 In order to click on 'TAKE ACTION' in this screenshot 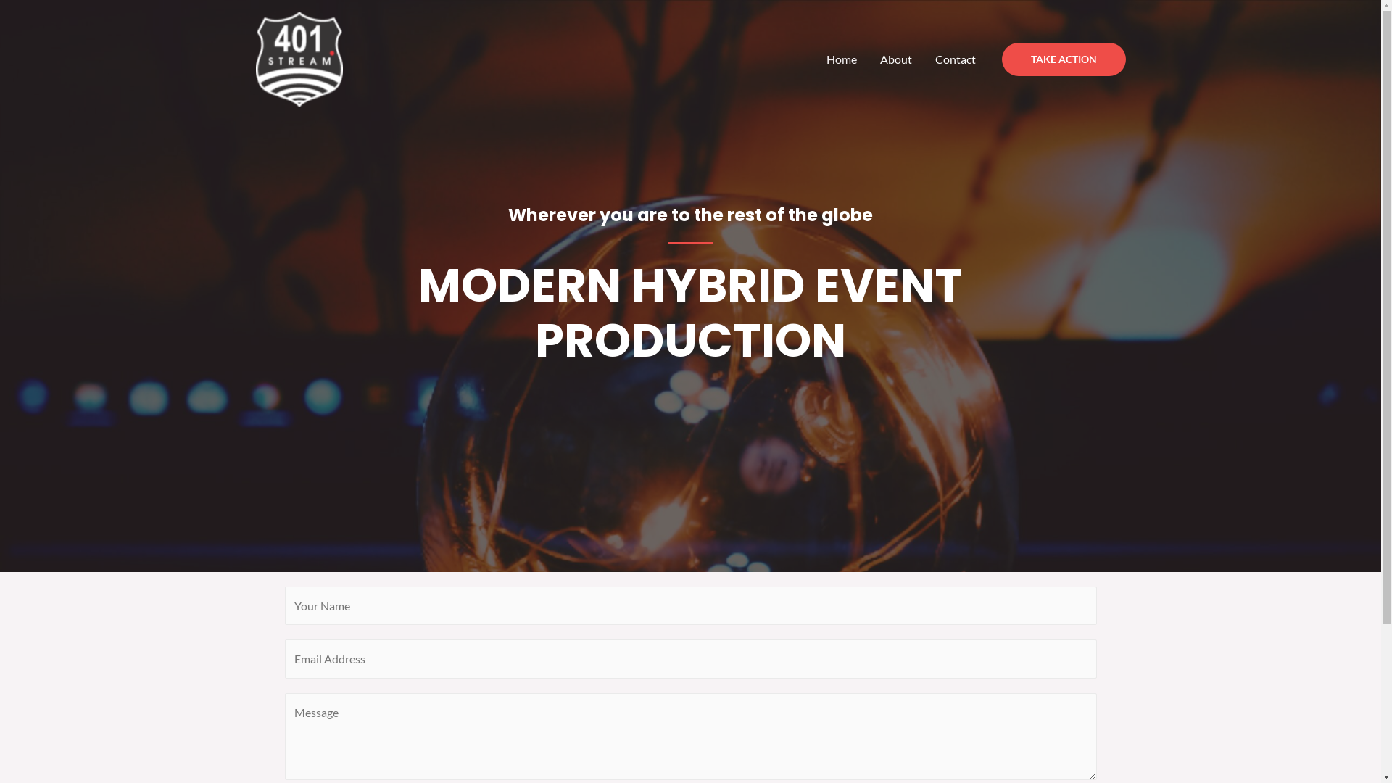, I will do `click(1064, 58)`.